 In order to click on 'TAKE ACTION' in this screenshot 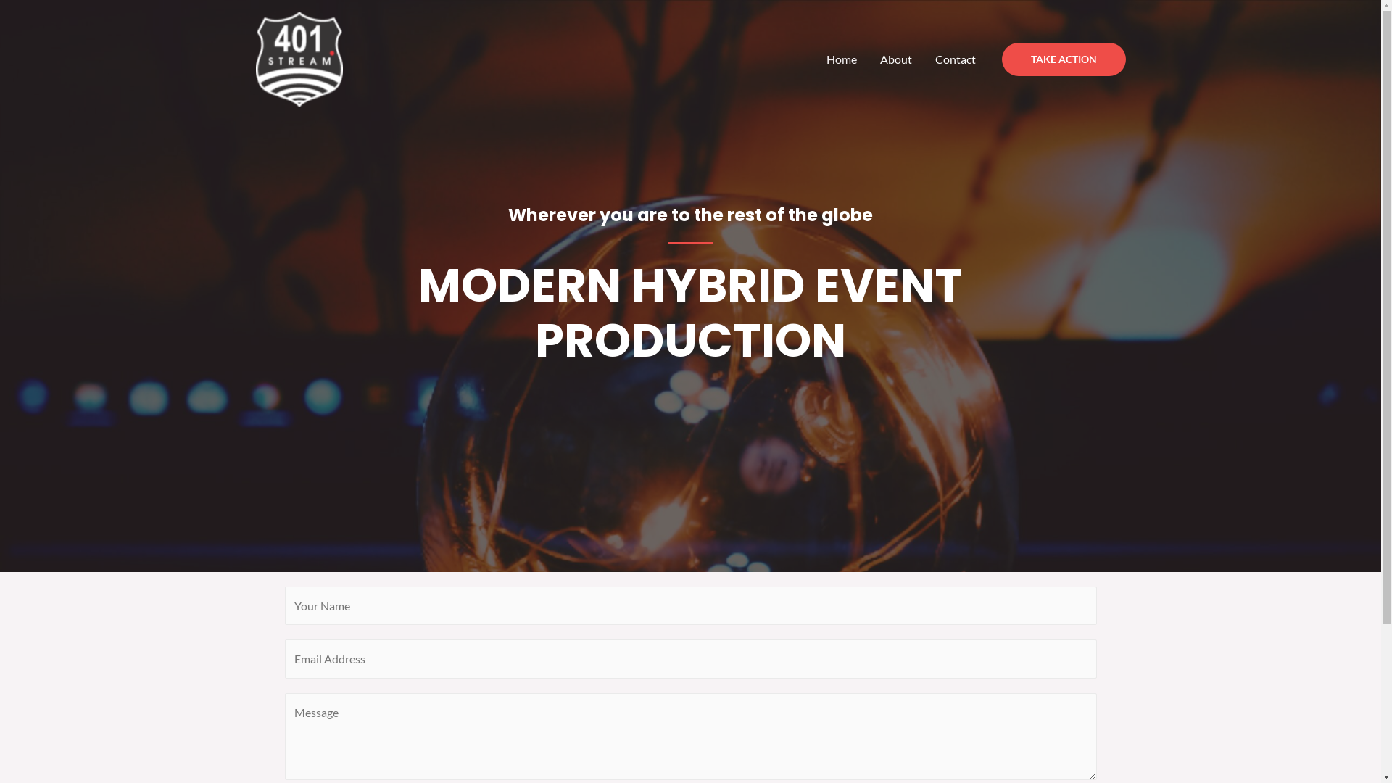, I will do `click(1064, 58)`.